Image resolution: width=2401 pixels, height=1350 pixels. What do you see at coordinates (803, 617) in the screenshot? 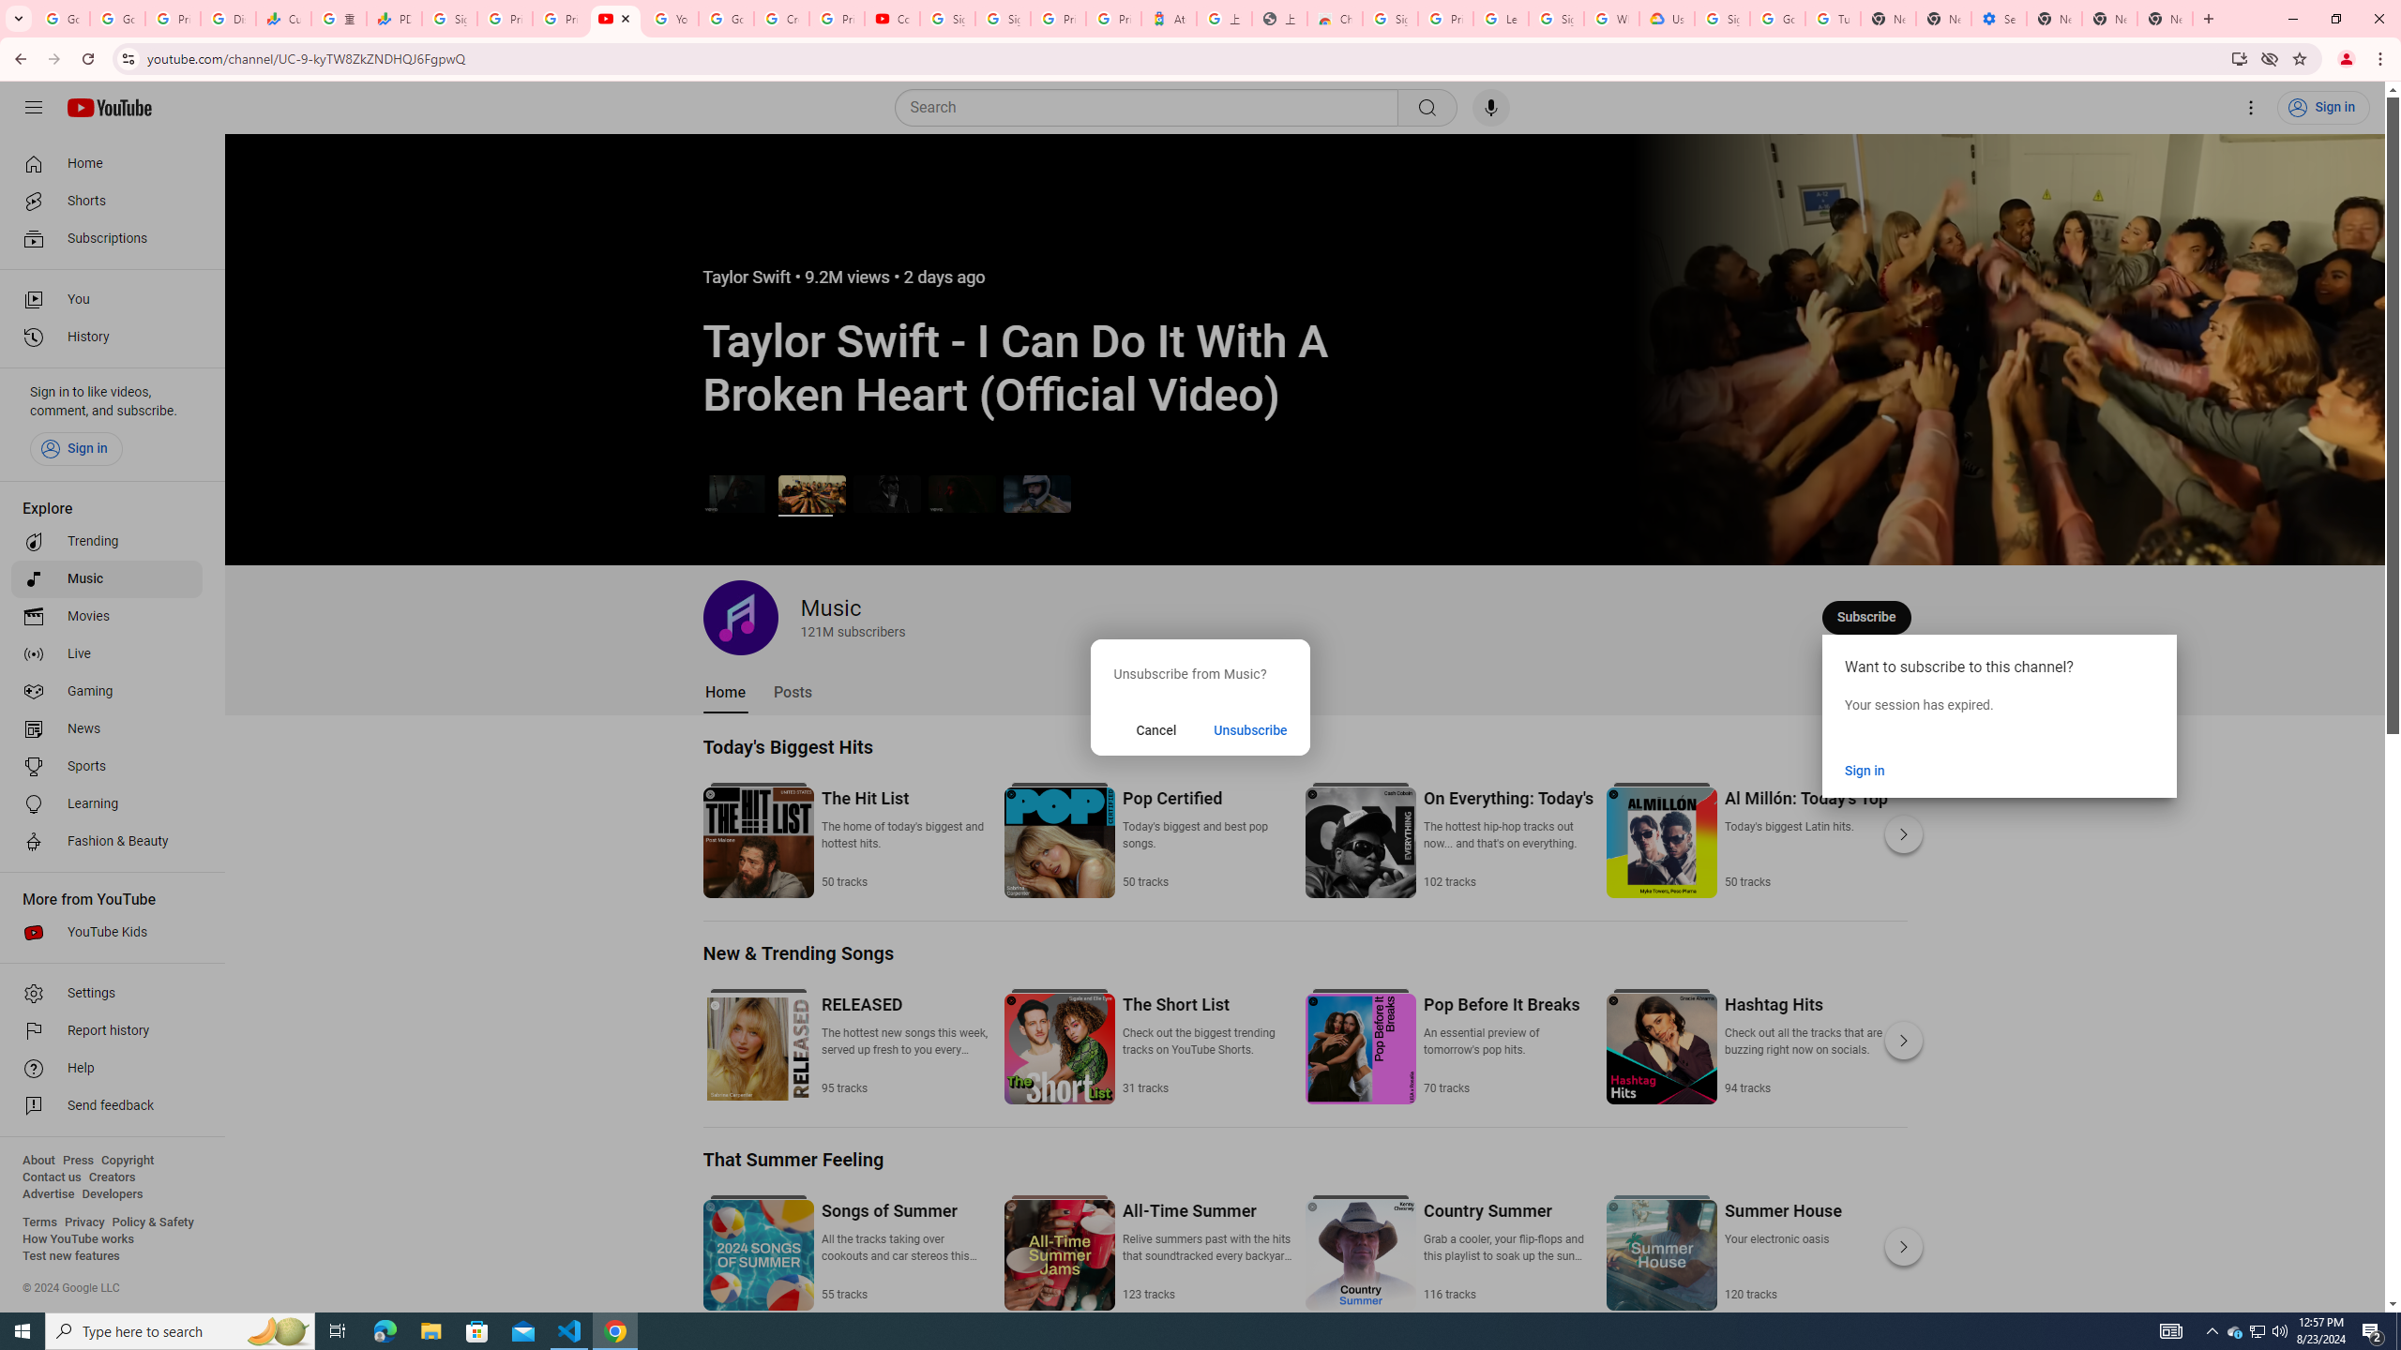
I see `'Music 121 million subscribers'` at bounding box center [803, 617].